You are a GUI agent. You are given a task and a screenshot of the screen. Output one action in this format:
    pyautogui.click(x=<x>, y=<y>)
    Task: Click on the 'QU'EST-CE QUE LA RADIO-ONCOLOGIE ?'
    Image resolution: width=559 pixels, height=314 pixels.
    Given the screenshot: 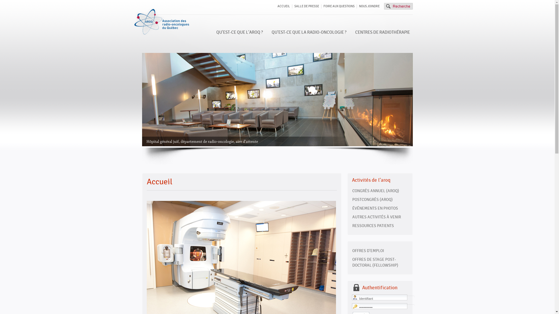 What is the action you would take?
    pyautogui.click(x=308, y=32)
    